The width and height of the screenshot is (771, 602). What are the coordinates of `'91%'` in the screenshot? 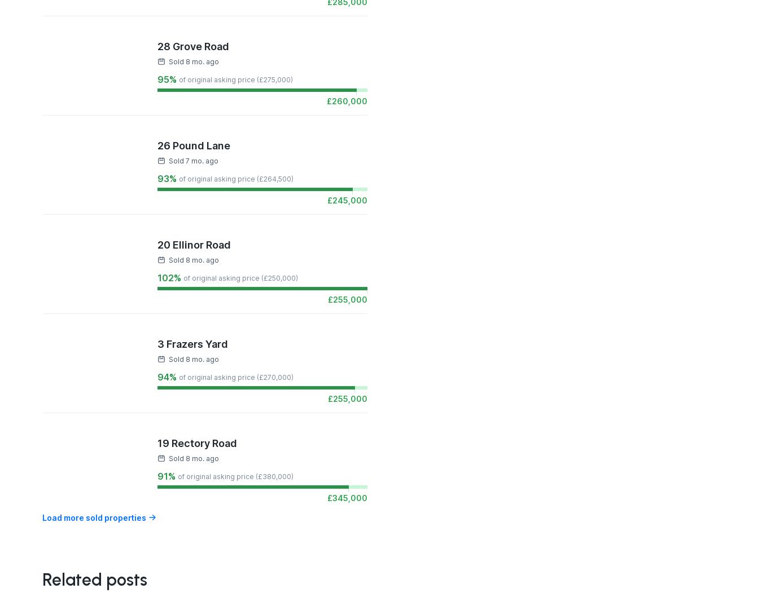 It's located at (167, 475).